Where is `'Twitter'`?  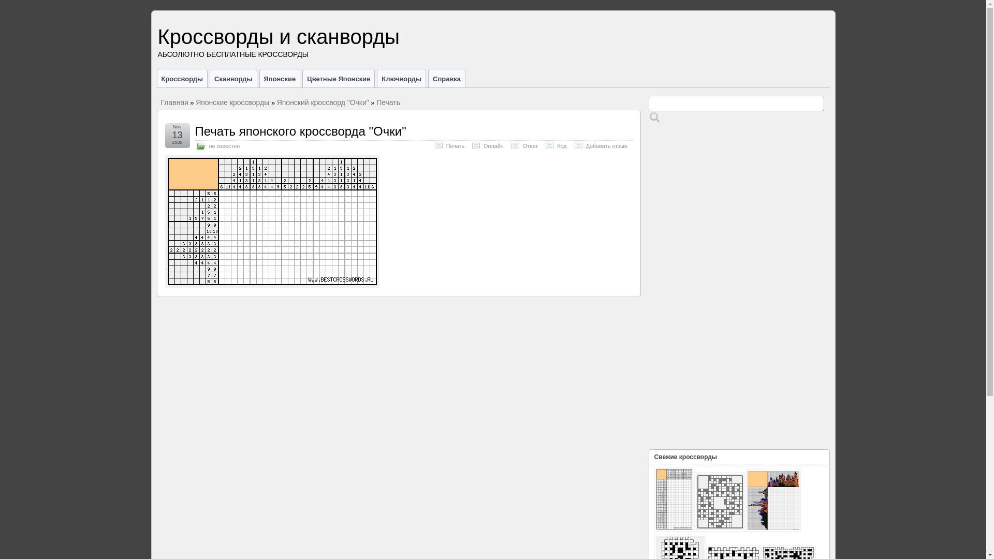
'Twitter' is located at coordinates (779, 77).